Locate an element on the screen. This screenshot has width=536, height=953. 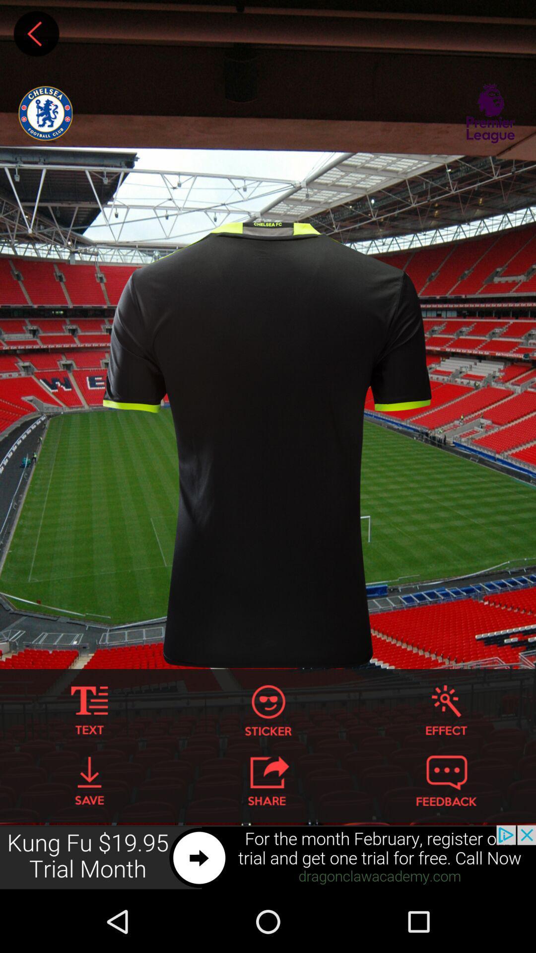
effect is located at coordinates (446, 710).